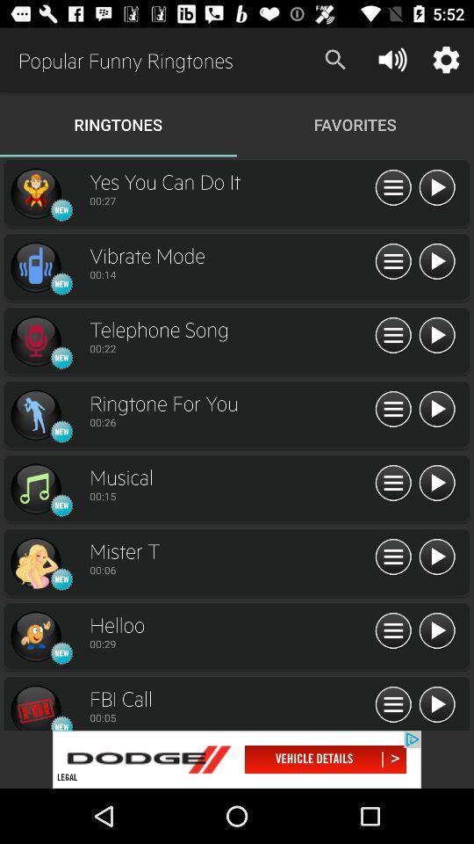 This screenshot has width=474, height=844. Describe the element at coordinates (35, 489) in the screenshot. I see `music play option` at that location.